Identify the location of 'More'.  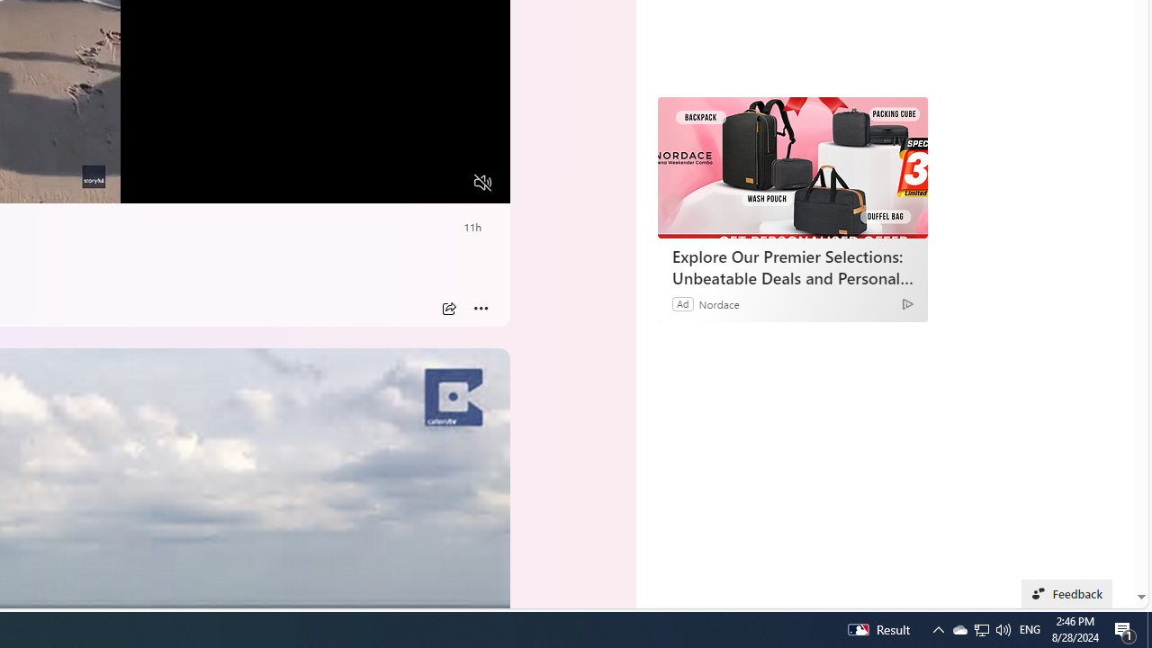
(481, 308).